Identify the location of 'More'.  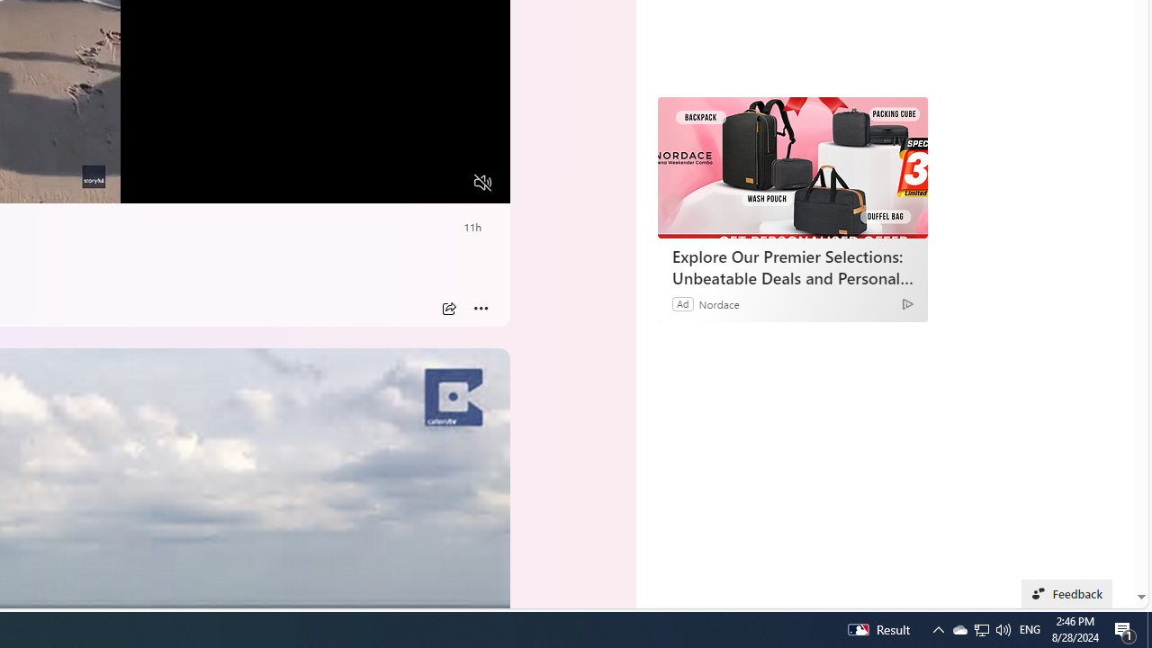
(481, 308).